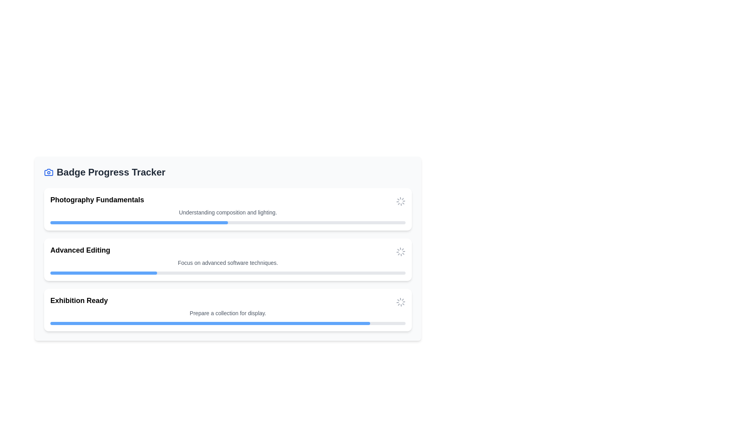  What do you see at coordinates (400, 200) in the screenshot?
I see `the spinning wheel loader indicator located at the upper-right corner of the 'Photography Fundamentals' item block` at bounding box center [400, 200].